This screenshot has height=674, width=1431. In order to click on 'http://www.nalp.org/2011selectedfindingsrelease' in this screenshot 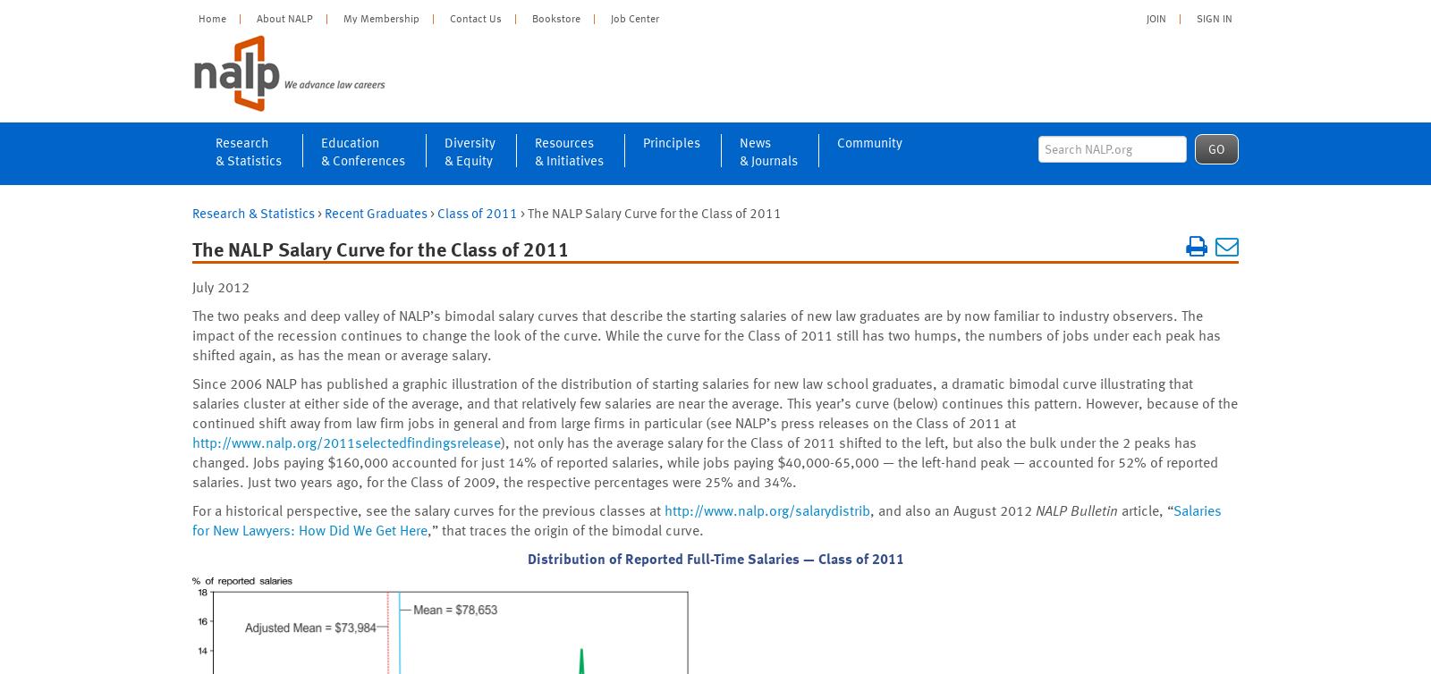, I will do `click(346, 442)`.